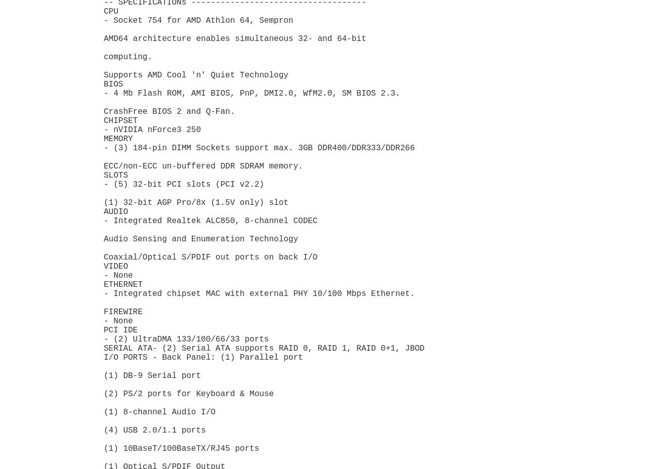 The width and height of the screenshot is (658, 469). Describe the element at coordinates (198, 74) in the screenshot. I see `'Supports AMD Cool 'n' Quiet Technology'` at that location.